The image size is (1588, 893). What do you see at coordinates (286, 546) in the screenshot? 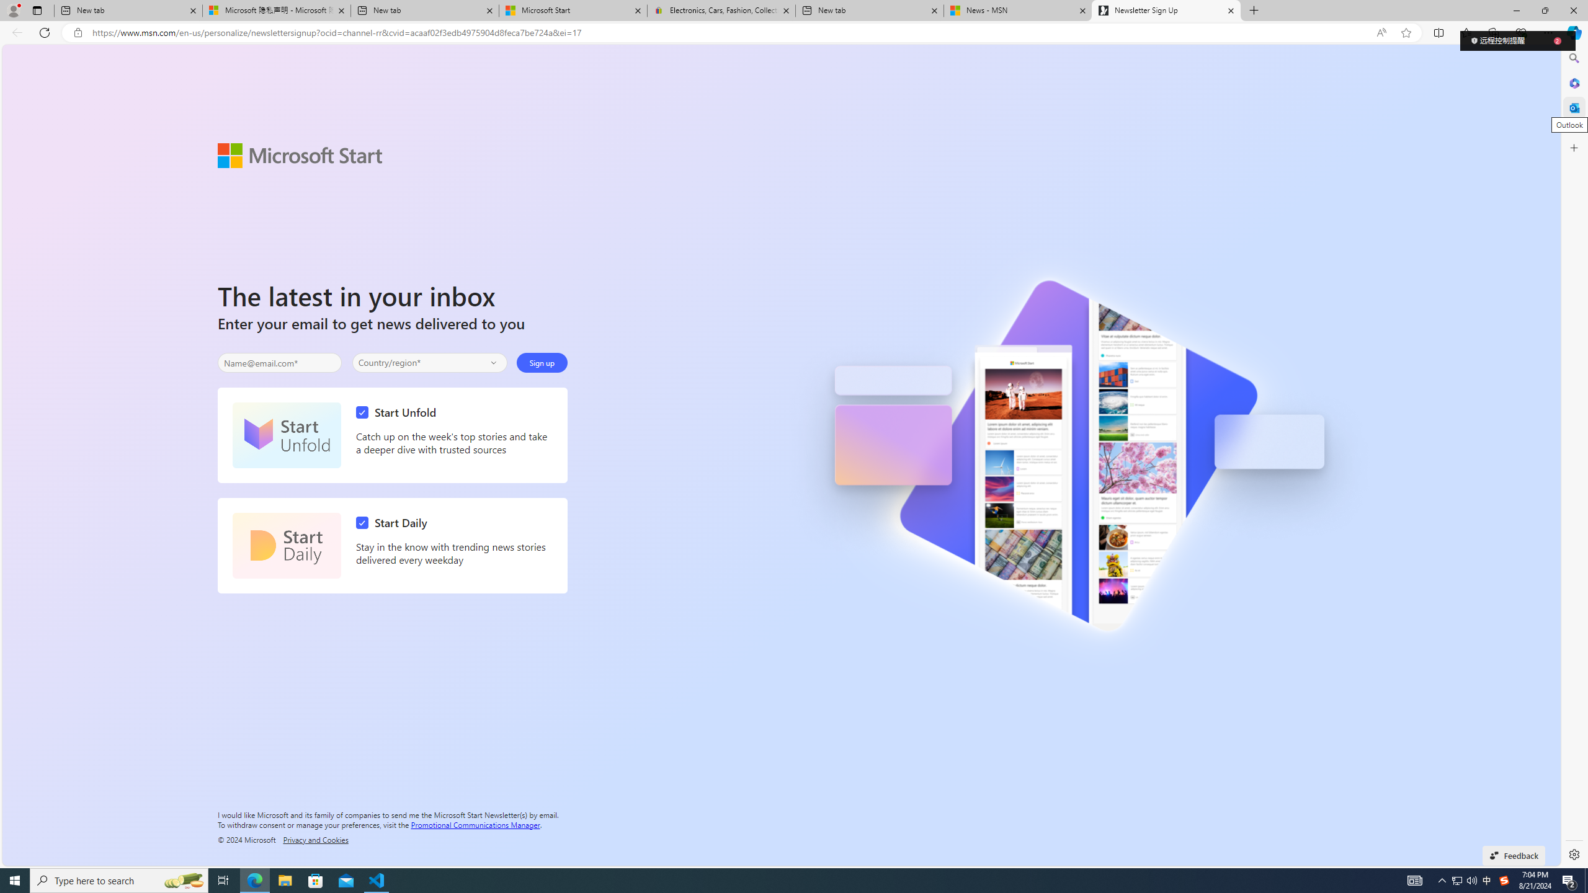
I see `'Start Daily'` at bounding box center [286, 546].